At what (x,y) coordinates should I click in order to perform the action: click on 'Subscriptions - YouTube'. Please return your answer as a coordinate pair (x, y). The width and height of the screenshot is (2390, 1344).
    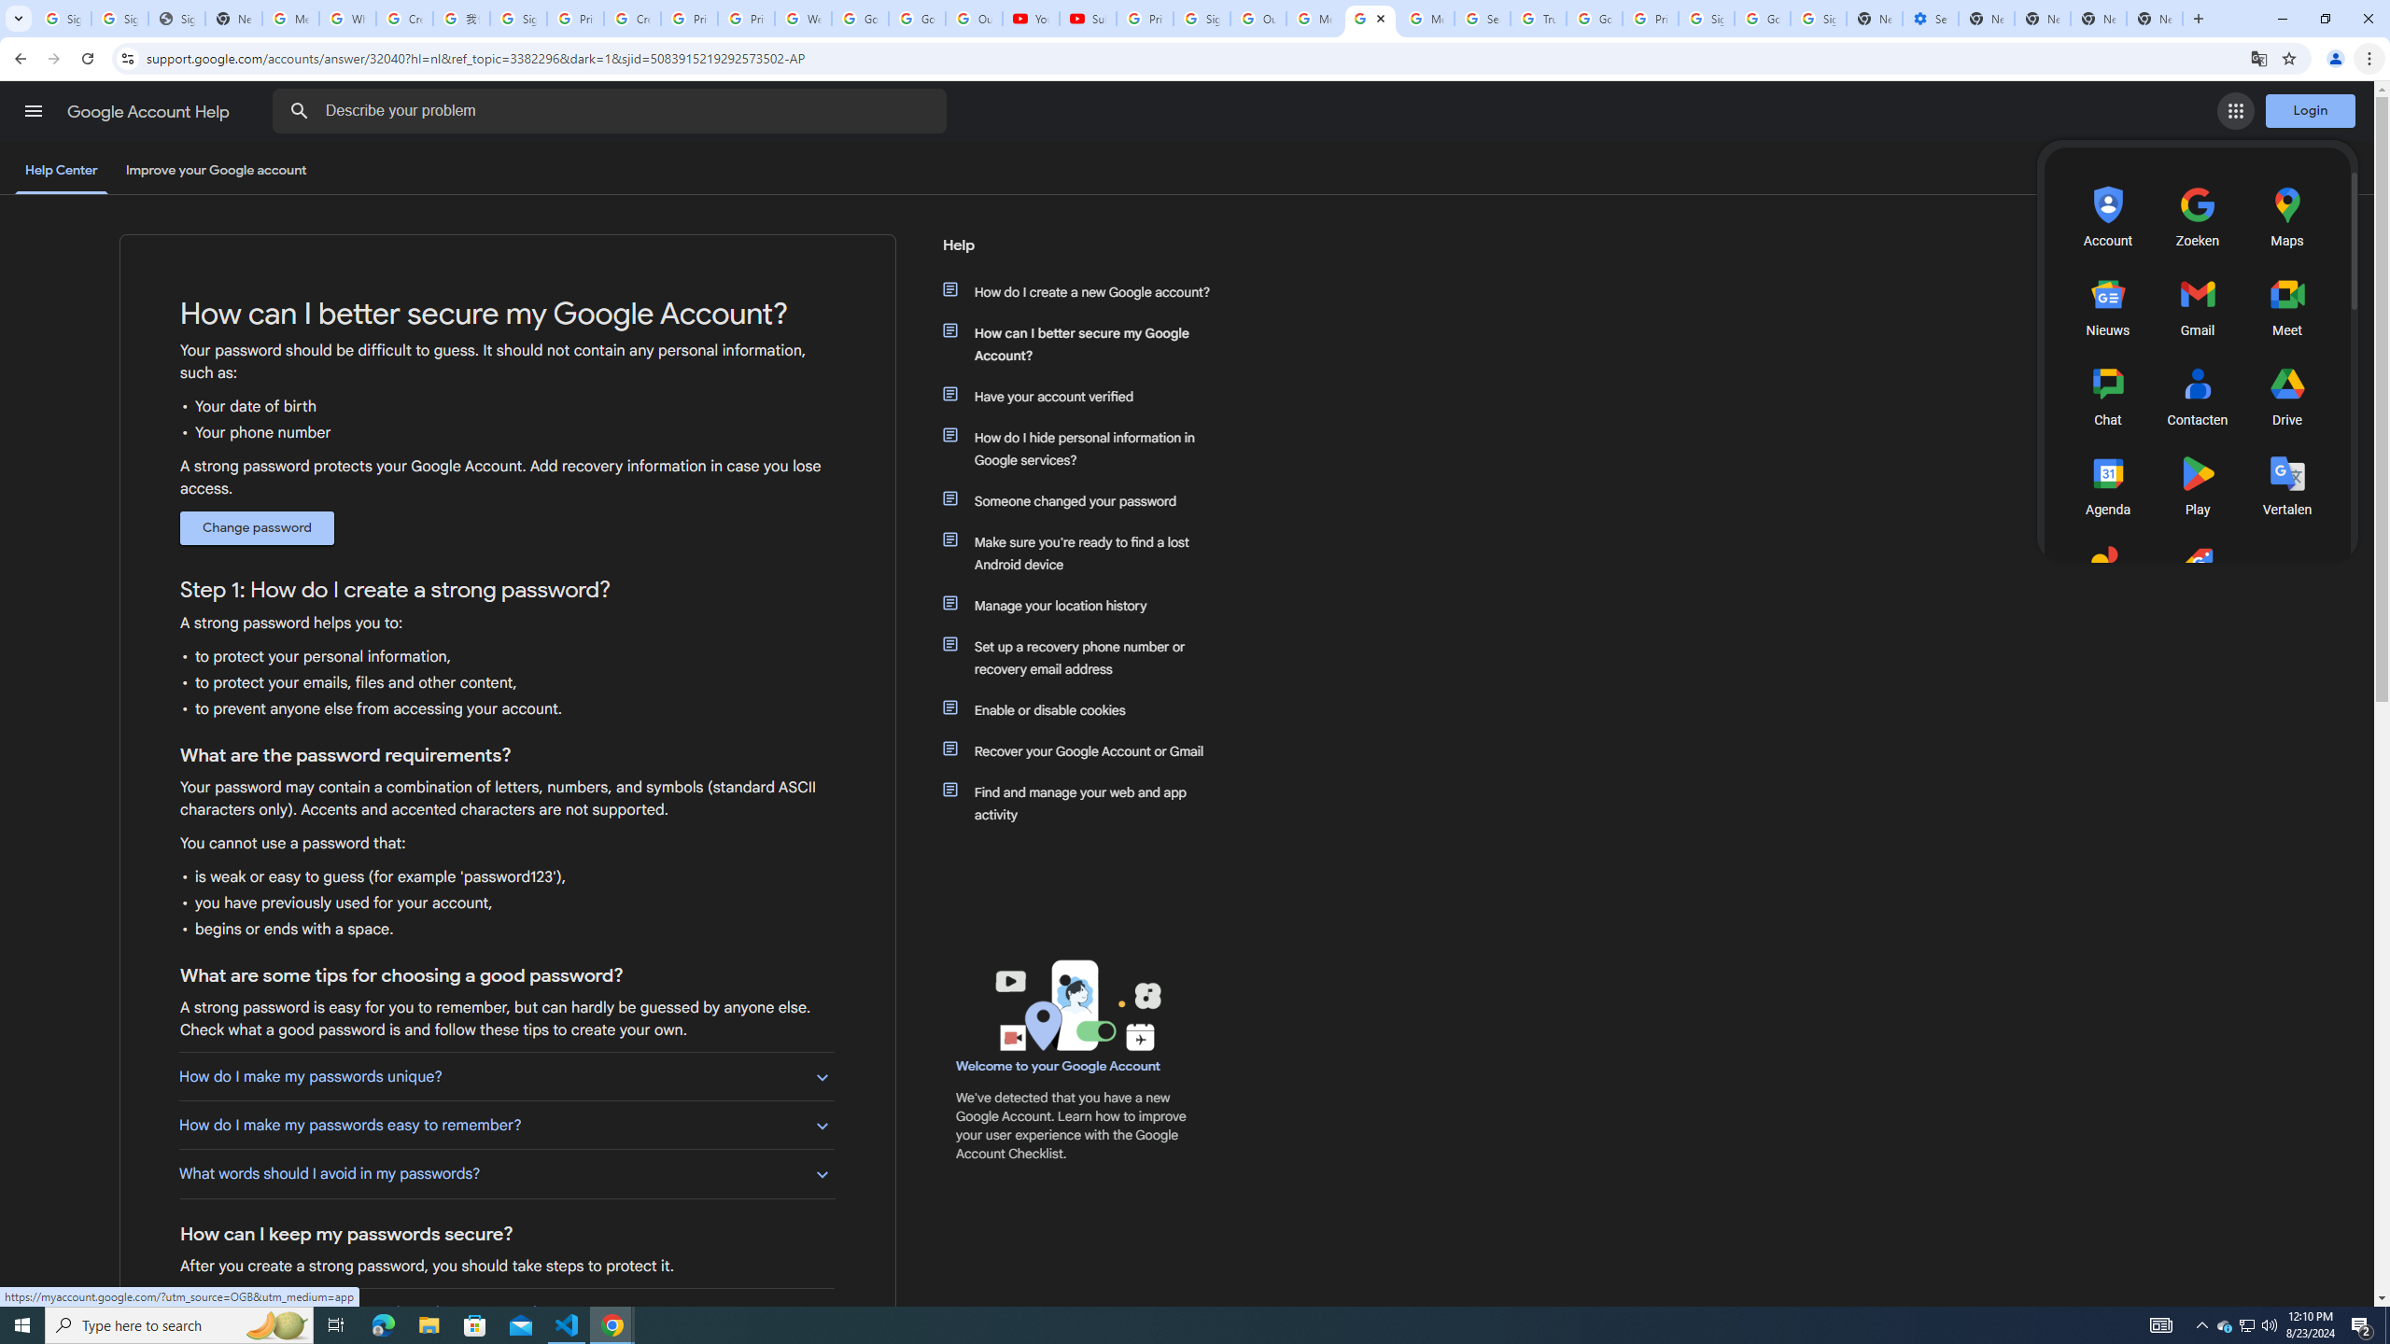
    Looking at the image, I should click on (1088, 18).